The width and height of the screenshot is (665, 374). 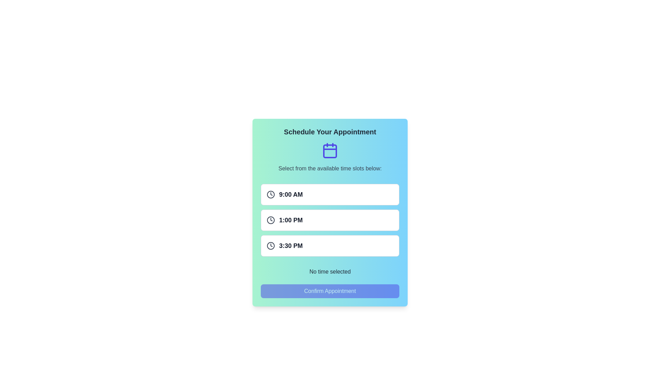 What do you see at coordinates (330, 150) in the screenshot?
I see `the bold indigo calendar icon with a square outline and rounded corners, located above the text 'Select from the available time slots below:' in the card layout` at bounding box center [330, 150].